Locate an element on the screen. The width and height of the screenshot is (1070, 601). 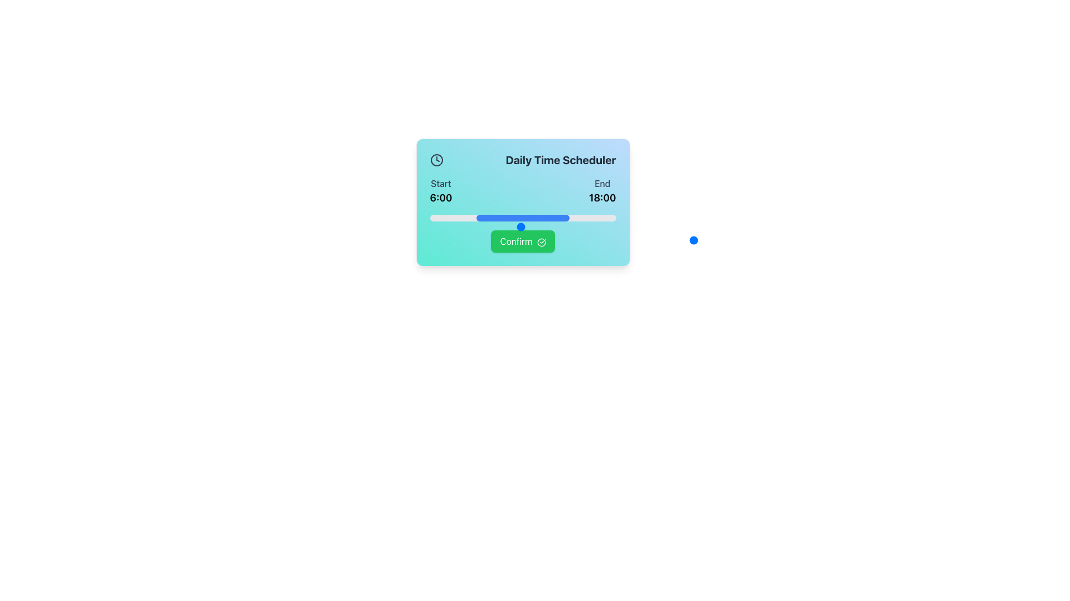
the Title Header with the accompanying clock icon and 'Daily Time Scheduler' text for reading is located at coordinates (522, 160).